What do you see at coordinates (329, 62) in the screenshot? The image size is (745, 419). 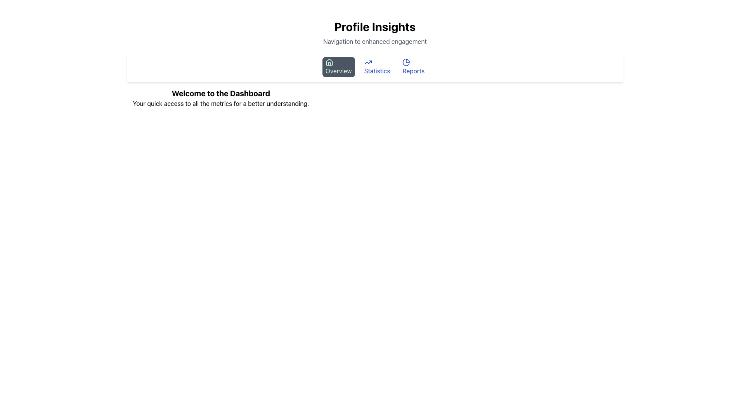 I see `house icon vector graphic located inside the 'Overview' button in the top navigation bar using developer tools` at bounding box center [329, 62].